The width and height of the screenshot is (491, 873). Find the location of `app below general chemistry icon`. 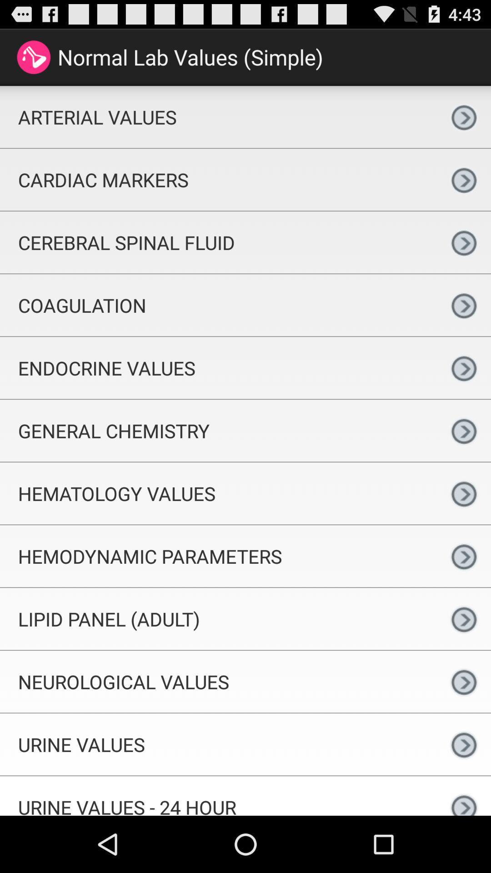

app below general chemistry icon is located at coordinates (218, 493).